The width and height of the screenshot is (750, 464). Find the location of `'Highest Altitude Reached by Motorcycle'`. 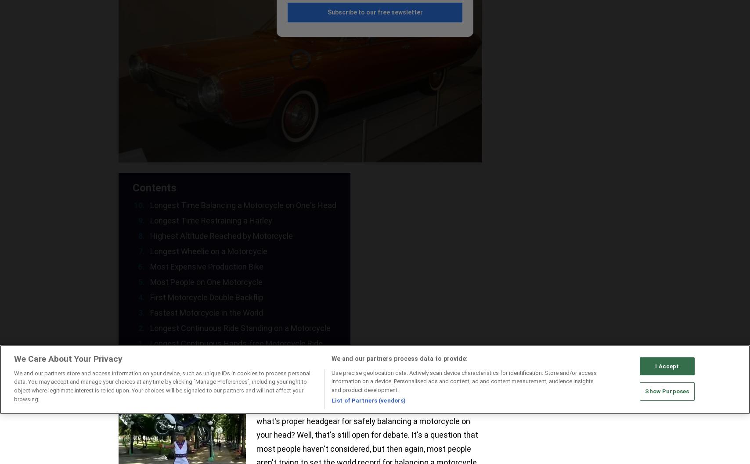

'Highest Altitude Reached by Motorcycle' is located at coordinates (150, 235).